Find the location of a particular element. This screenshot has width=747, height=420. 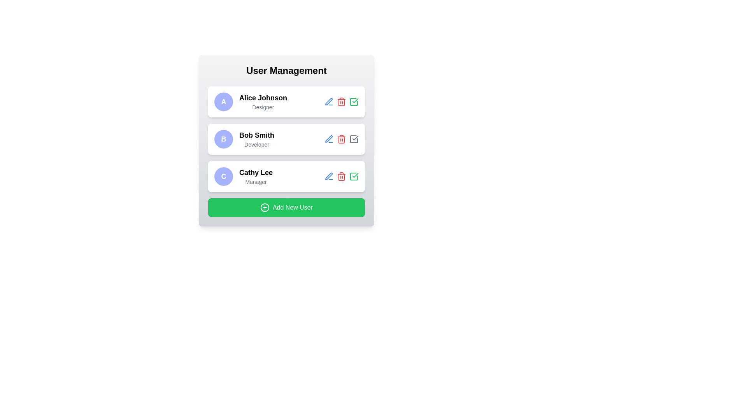

the edit action icon resembling a pen or pencil, located to the right of the 'Bob Smith - Developer' entry, to initiate the edit process is located at coordinates (329, 101).